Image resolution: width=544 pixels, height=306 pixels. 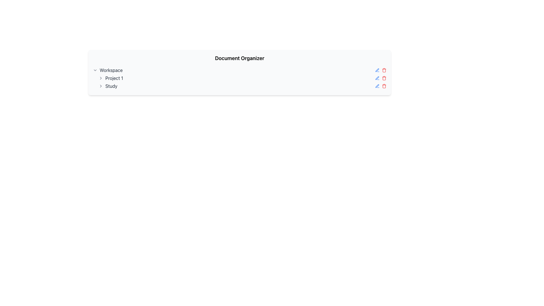 What do you see at coordinates (384, 86) in the screenshot?
I see `the trash bin icon button, which is red and indicates a deletion action, located to the right of the blue pen icon in the row` at bounding box center [384, 86].